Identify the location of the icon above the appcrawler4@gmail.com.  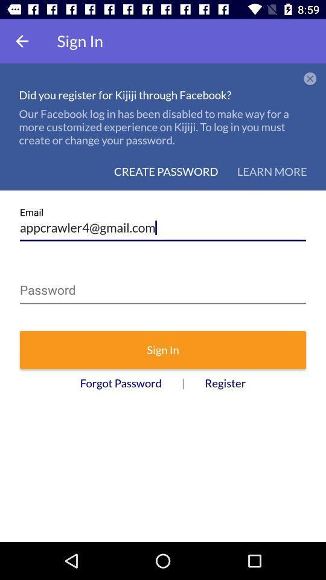
(272, 171).